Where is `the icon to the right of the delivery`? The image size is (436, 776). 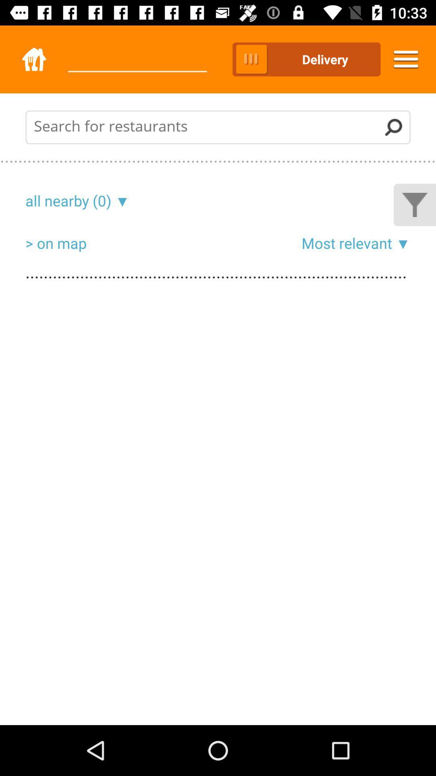 the icon to the right of the delivery is located at coordinates (406, 59).